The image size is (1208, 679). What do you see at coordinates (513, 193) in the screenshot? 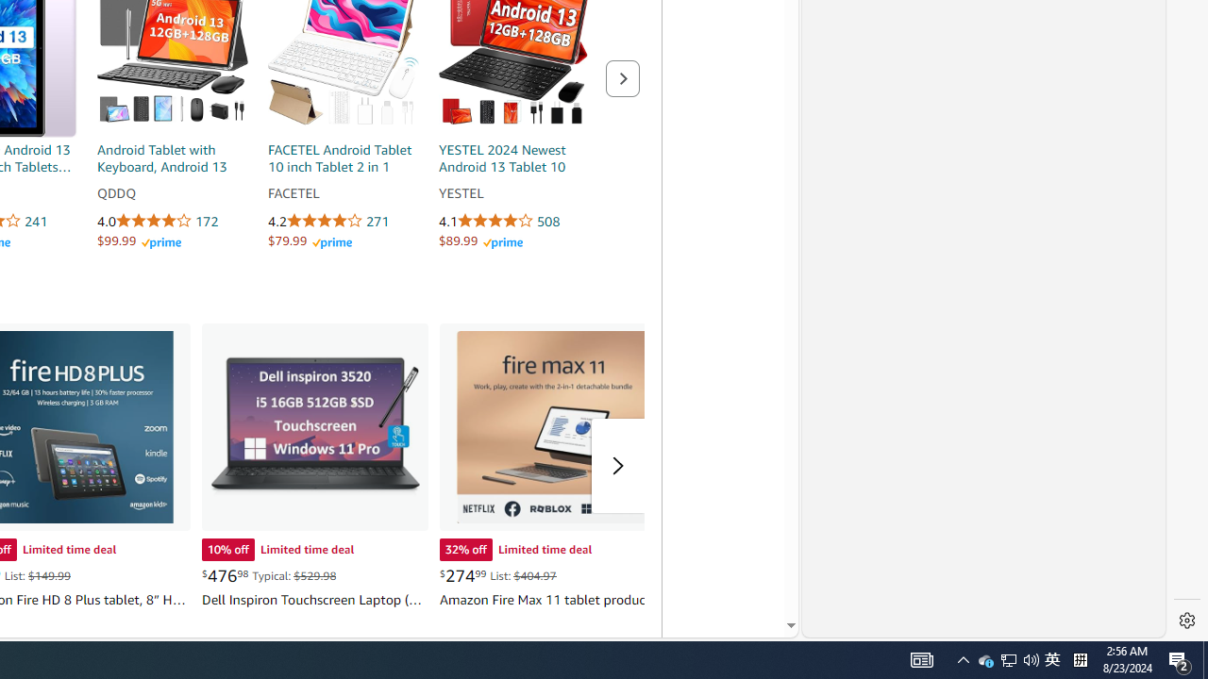
I see `'YESTEL'` at bounding box center [513, 193].